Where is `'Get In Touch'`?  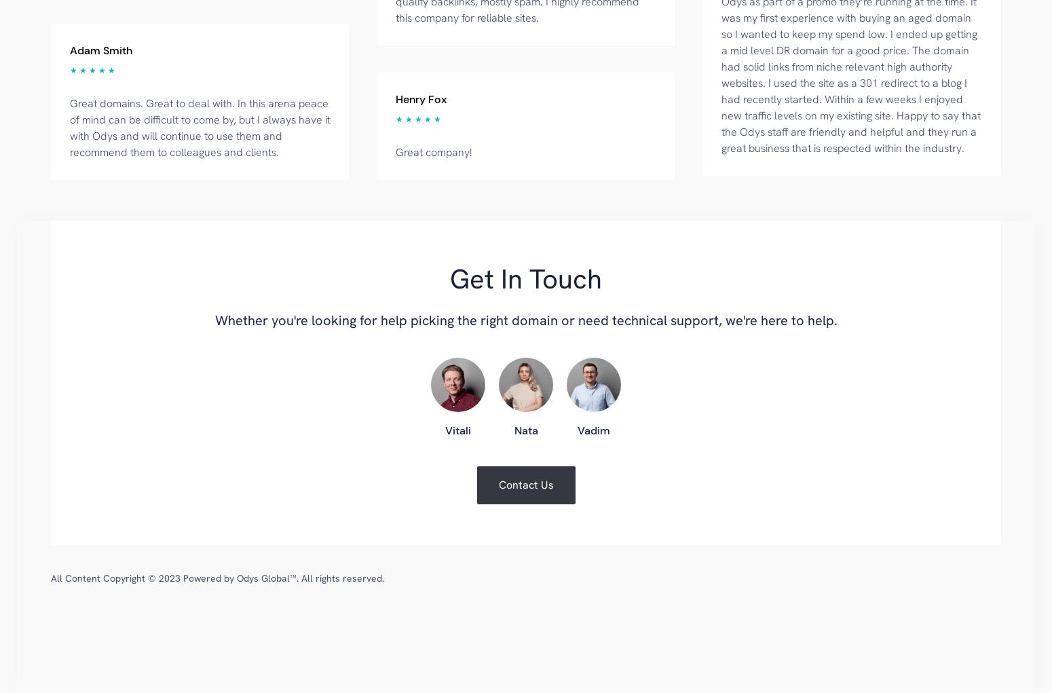 'Get In Touch' is located at coordinates (526, 278).